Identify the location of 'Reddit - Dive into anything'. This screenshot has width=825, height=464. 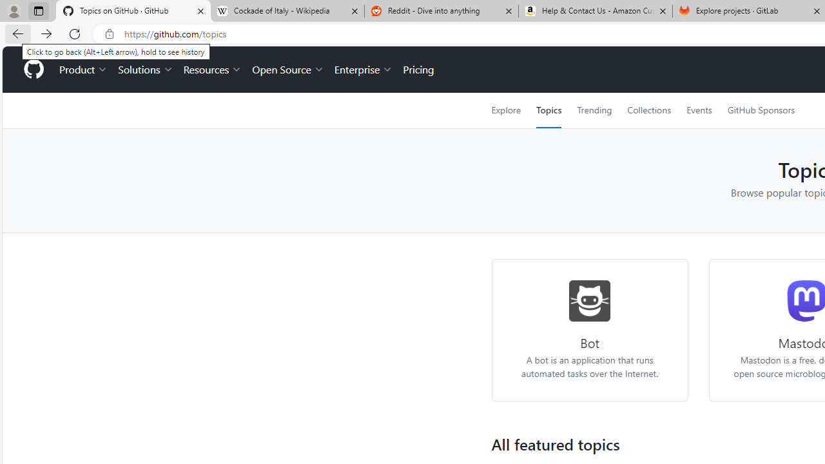
(441, 11).